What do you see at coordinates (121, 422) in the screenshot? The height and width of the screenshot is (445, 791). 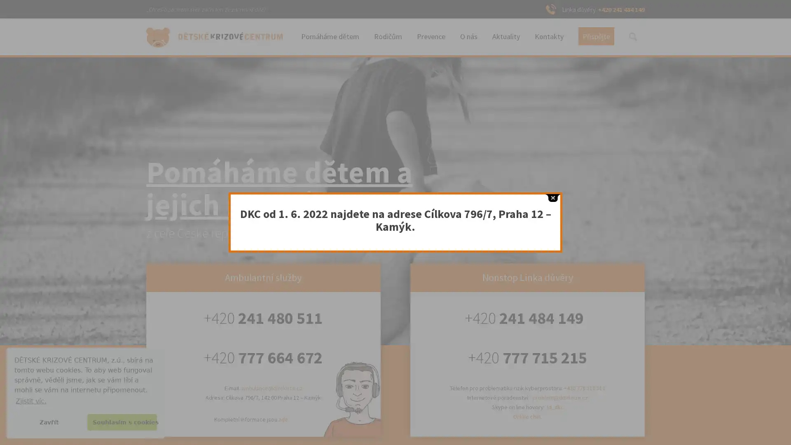 I see `allow cookies` at bounding box center [121, 422].